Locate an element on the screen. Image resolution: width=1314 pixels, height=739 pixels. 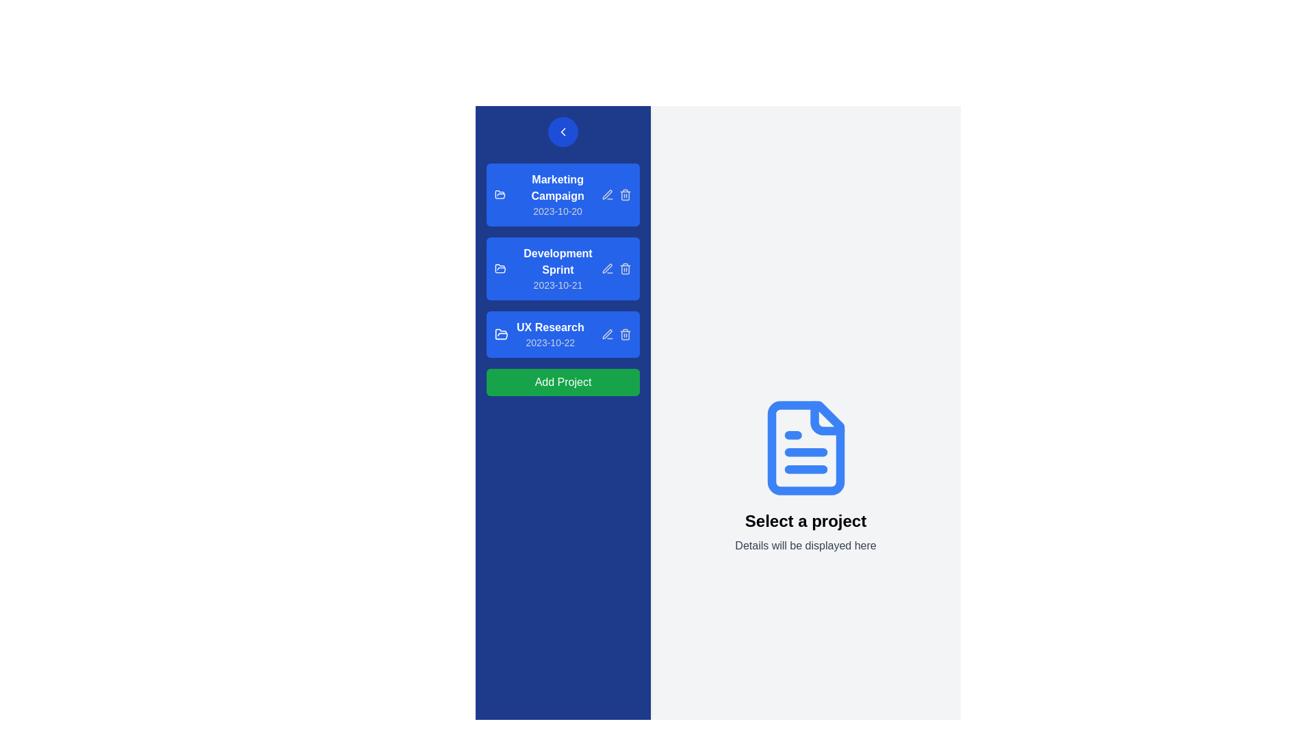
the edit icon in the Action control group, which contains a pencil icon for editing, located to the right of the 'Marketing Campaign' text is located at coordinates (616, 195).